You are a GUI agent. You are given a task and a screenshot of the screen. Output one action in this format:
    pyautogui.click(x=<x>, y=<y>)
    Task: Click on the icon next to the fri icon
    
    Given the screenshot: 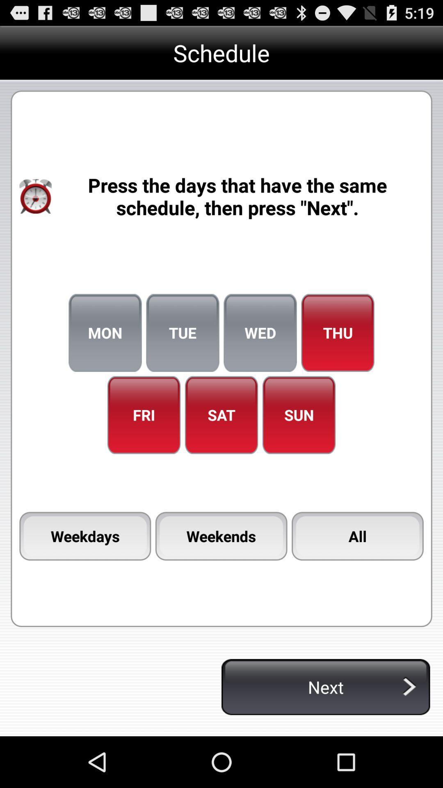 What is the action you would take?
    pyautogui.click(x=221, y=415)
    